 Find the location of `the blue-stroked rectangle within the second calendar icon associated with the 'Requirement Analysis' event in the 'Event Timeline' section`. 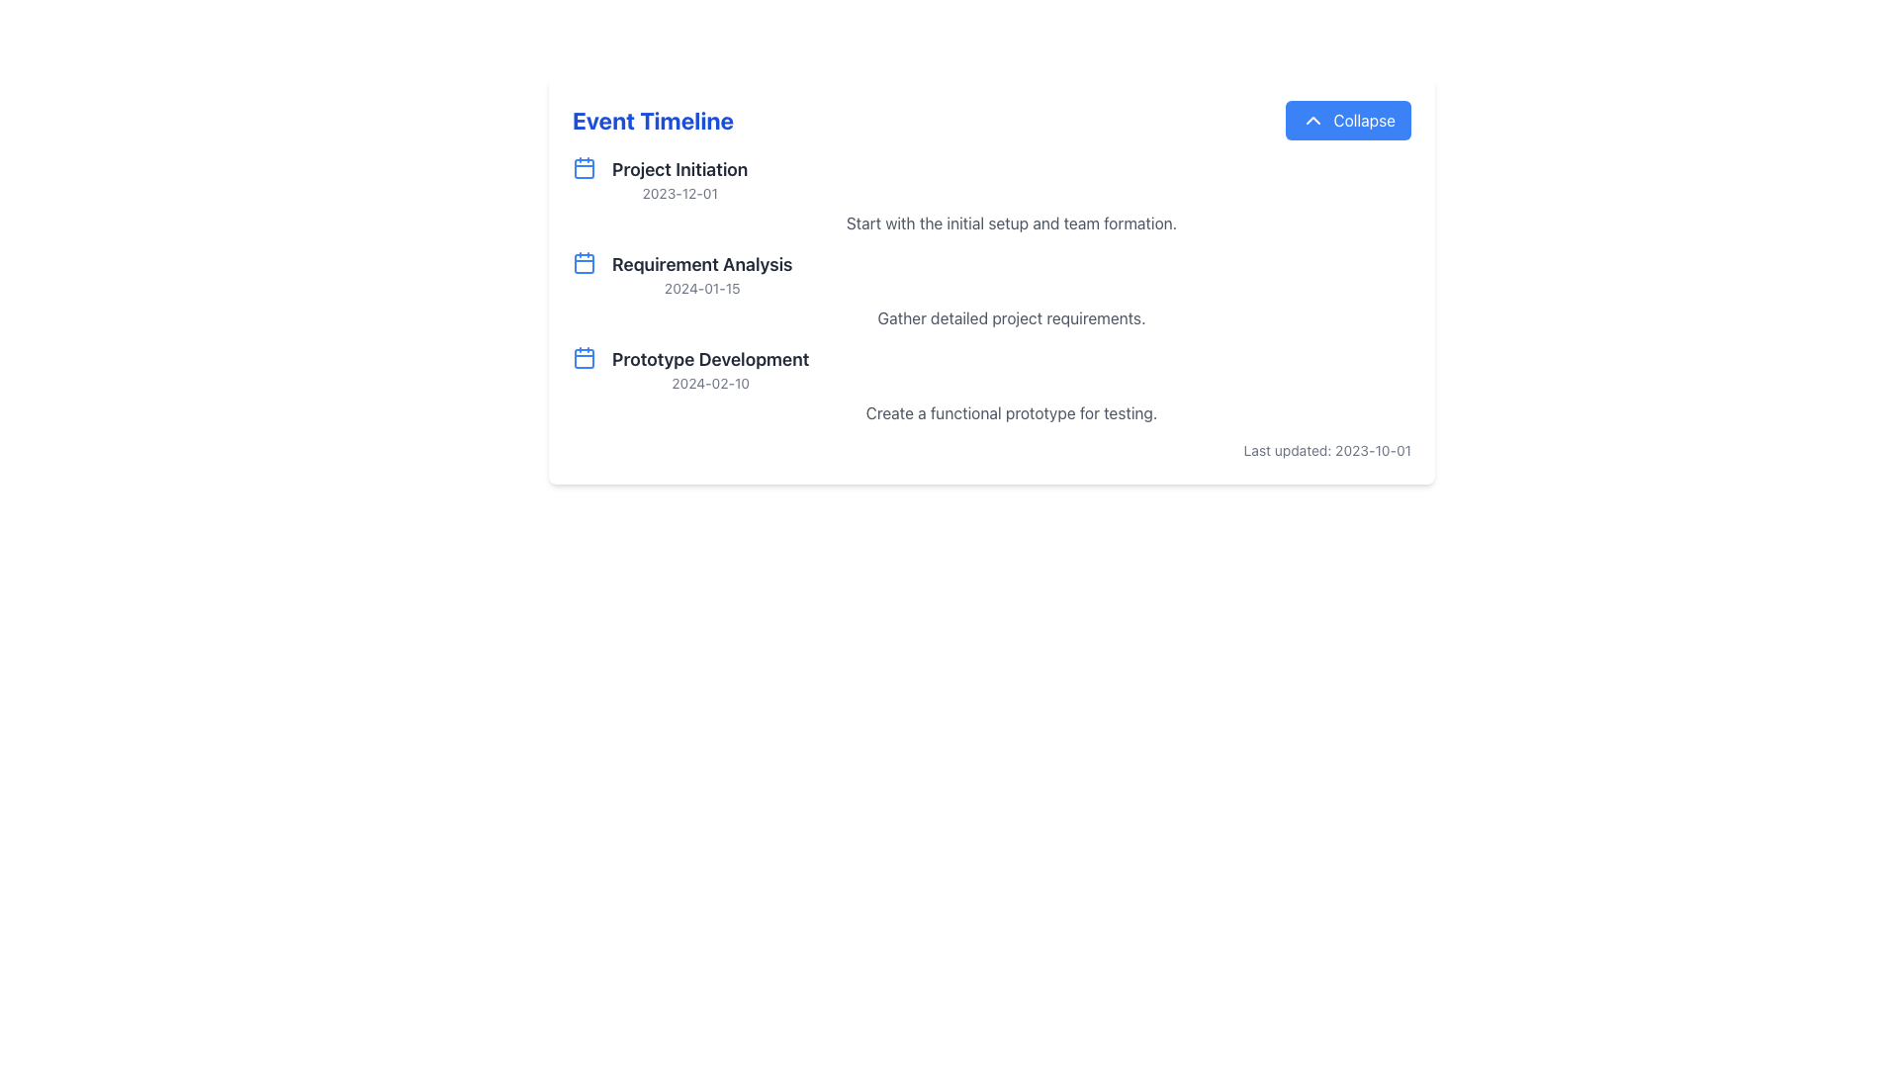

the blue-stroked rectangle within the second calendar icon associated with the 'Requirement Analysis' event in the 'Event Timeline' section is located at coordinates (583, 262).